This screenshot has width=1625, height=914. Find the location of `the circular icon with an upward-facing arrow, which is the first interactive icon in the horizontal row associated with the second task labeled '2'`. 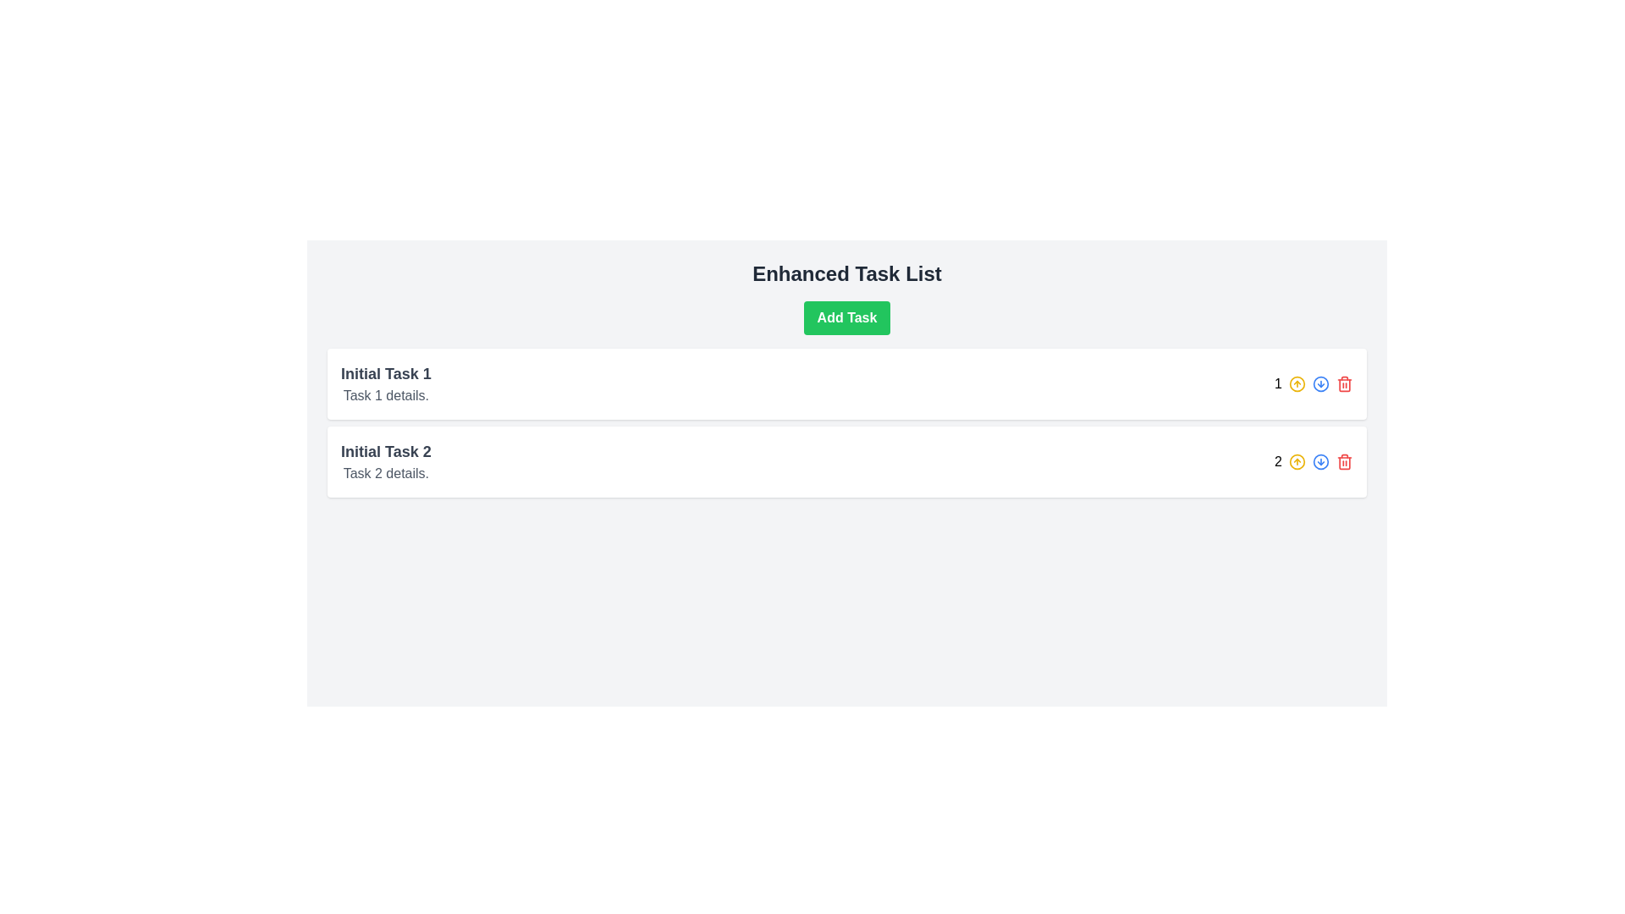

the circular icon with an upward-facing arrow, which is the first interactive icon in the horizontal row associated with the second task labeled '2' is located at coordinates (1296, 462).